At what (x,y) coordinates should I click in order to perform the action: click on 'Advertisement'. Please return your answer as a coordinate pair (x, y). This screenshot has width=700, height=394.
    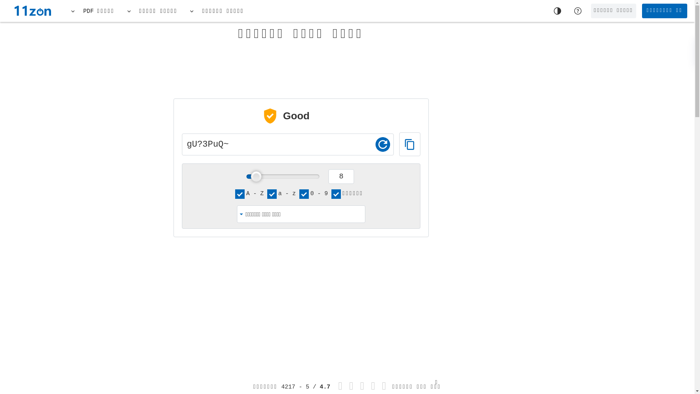
    Looking at the image, I should click on (615, 139).